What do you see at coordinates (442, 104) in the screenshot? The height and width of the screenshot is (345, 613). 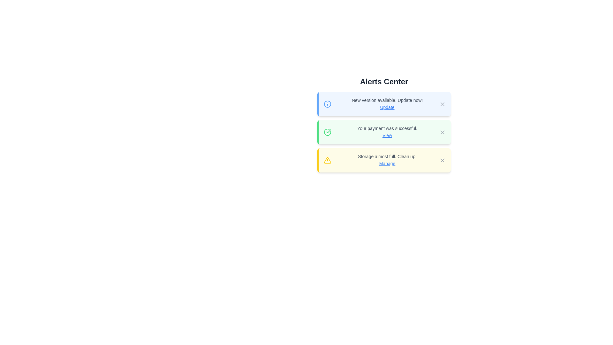 I see `the 'X' icon in the Alerts Center section, which is located at the top-right corner of the notification bar` at bounding box center [442, 104].